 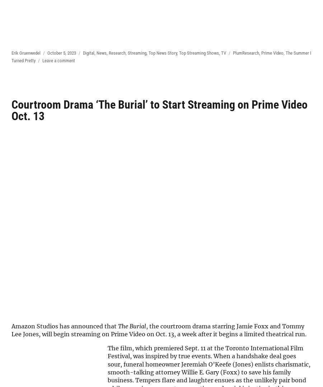 I want to click on ', the courtroom drama starring Jamie Foxx and Tommy Lee Jones, will begin streaming on Prime Video on Oct. 13, a week after it begins a limited theatrical run.', so click(x=11, y=330).